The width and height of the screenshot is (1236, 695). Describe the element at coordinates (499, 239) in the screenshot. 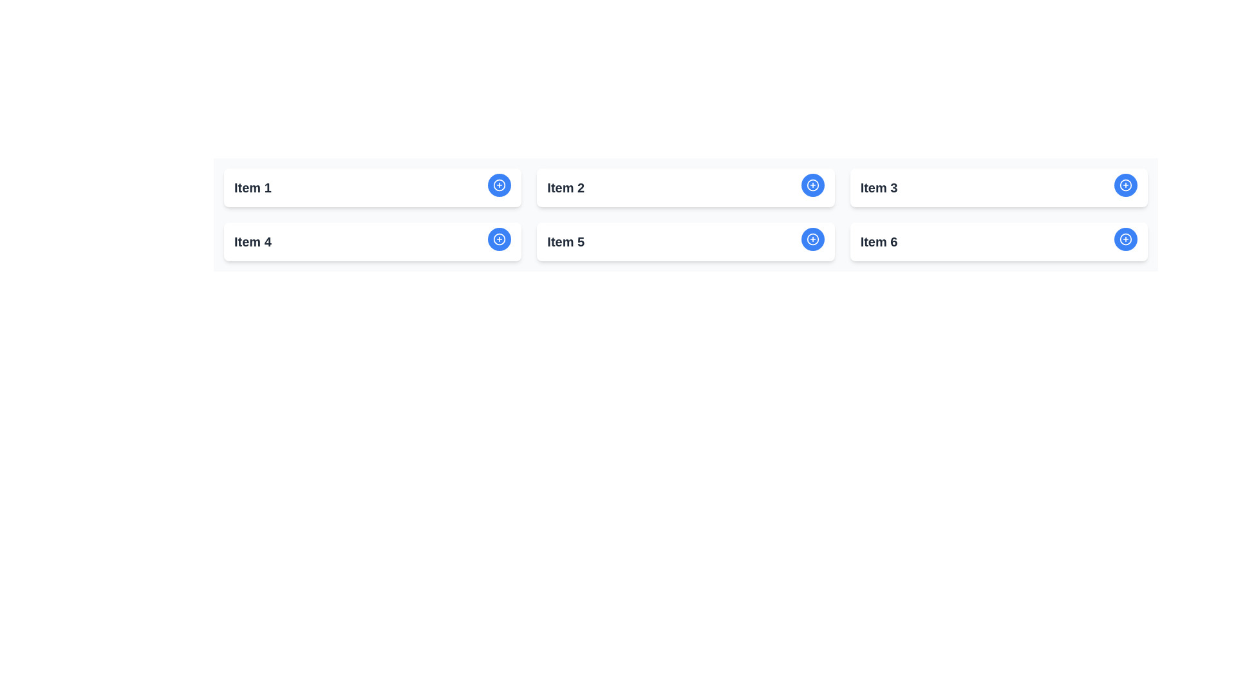

I see `the plus sign icon within a circle, which is located in a rounded button with a blue background, adjacent to 'Item 4' in the second row of items` at that location.